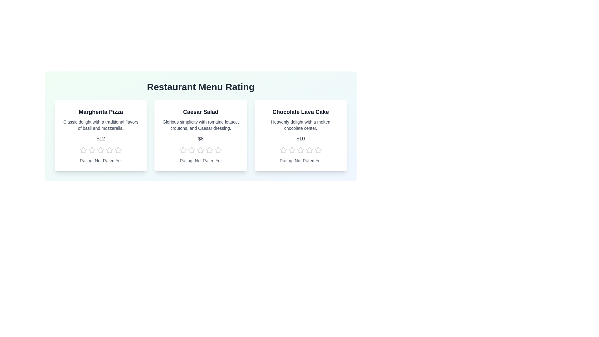 The height and width of the screenshot is (337, 599). What do you see at coordinates (183, 150) in the screenshot?
I see `the star corresponding to the desired rating 1 for the menu item Caesar Salad` at bounding box center [183, 150].